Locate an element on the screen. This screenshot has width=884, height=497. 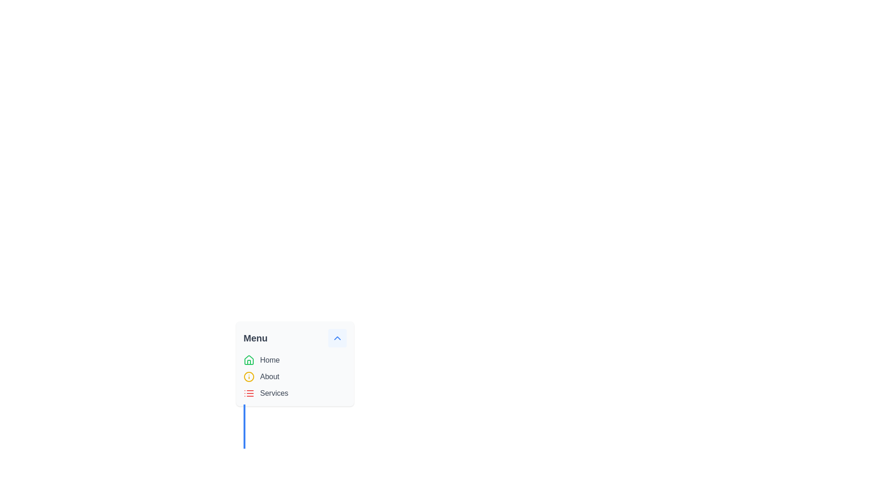
the circular part of the Info icon, which is styled with a yellow outline and located to the left of the menu section titled 'Menu' is located at coordinates (249, 376).